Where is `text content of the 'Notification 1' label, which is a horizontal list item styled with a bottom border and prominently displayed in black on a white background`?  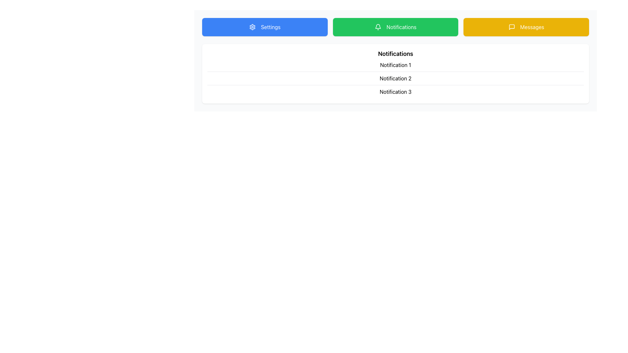 text content of the 'Notification 1' label, which is a horizontal list item styled with a bottom border and prominently displayed in black on a white background is located at coordinates (395, 65).